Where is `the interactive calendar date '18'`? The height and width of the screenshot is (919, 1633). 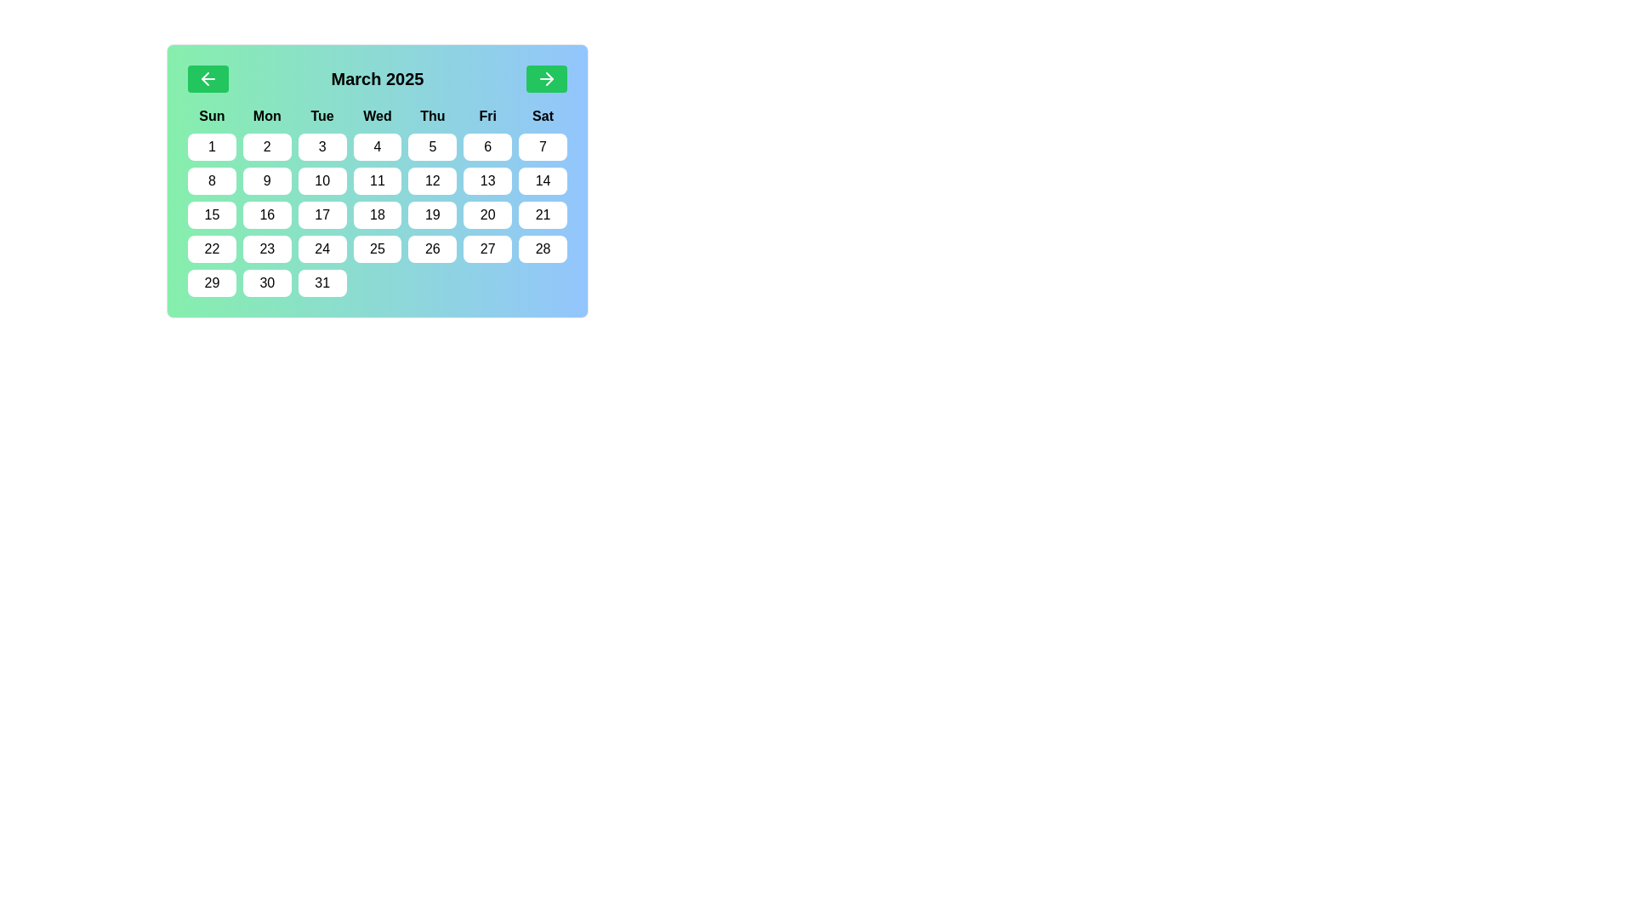 the interactive calendar date '18' is located at coordinates (377, 200).